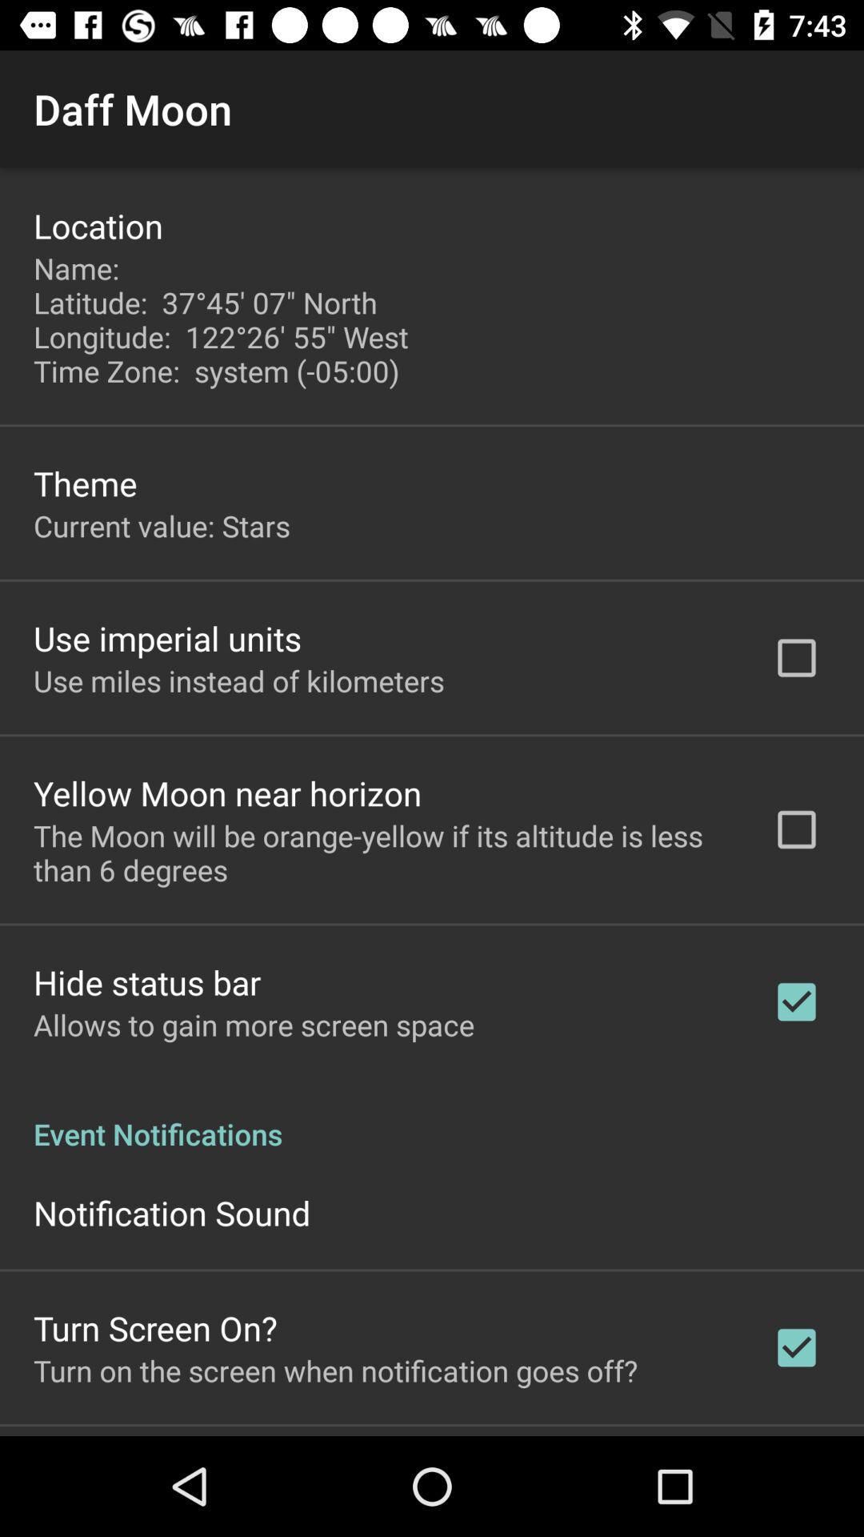 The width and height of the screenshot is (864, 1537). Describe the element at coordinates (432, 1116) in the screenshot. I see `icon below allows to gain` at that location.